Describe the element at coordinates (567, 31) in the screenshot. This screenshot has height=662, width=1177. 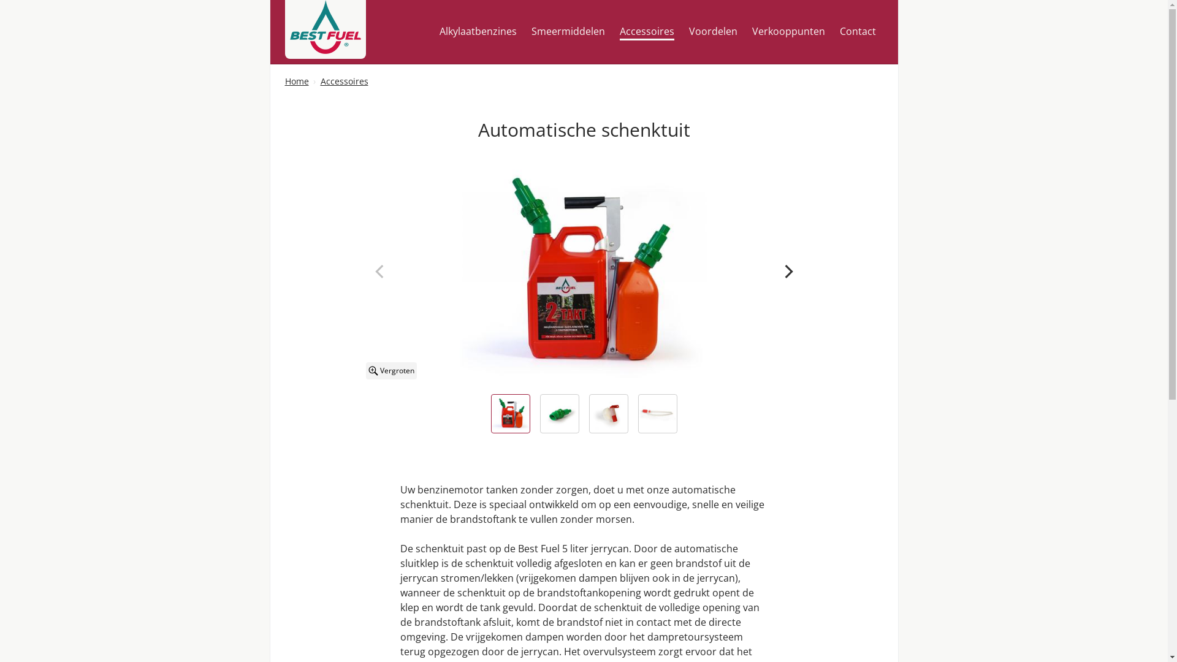
I see `'Smeermiddelen'` at that location.